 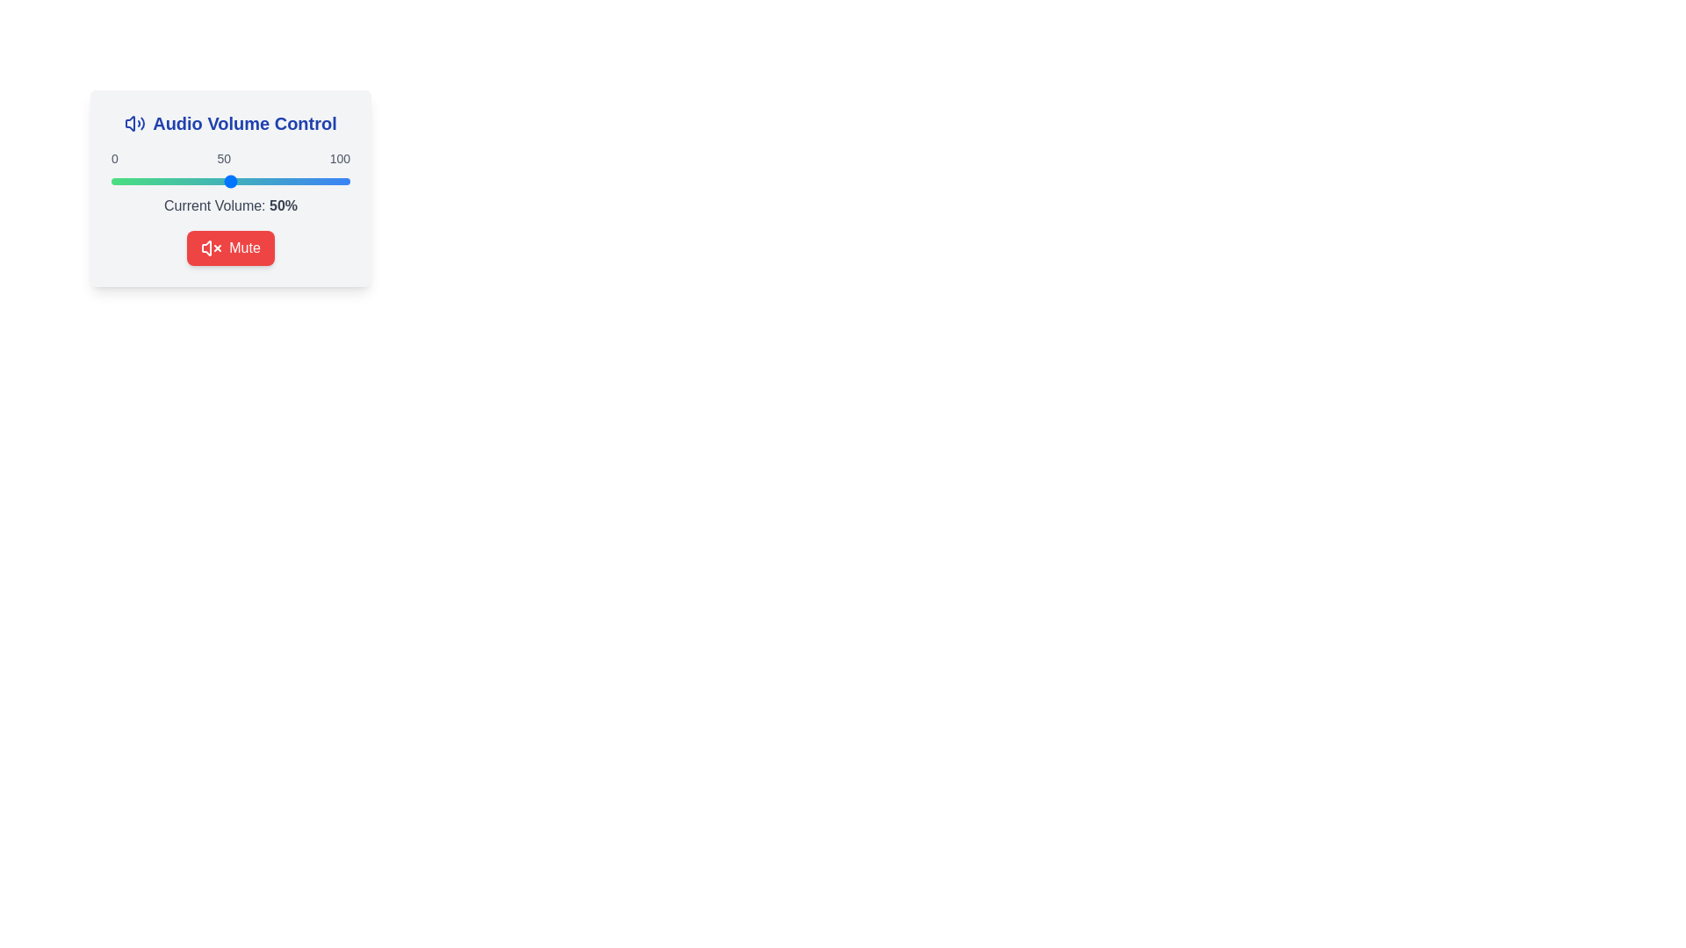 I want to click on the volume slider to set the volume to 87%, so click(x=319, y=182).